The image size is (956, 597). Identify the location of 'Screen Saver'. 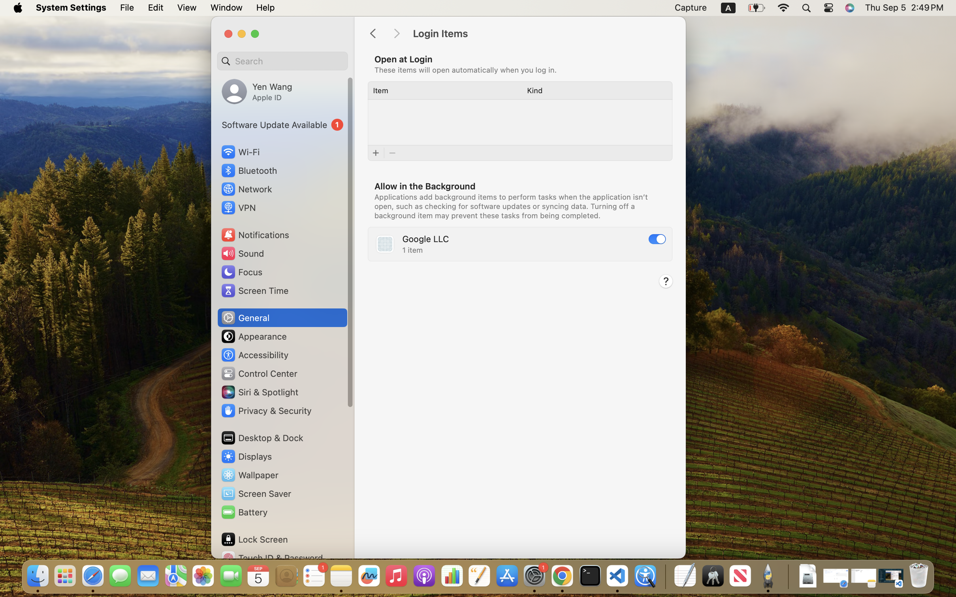
(255, 494).